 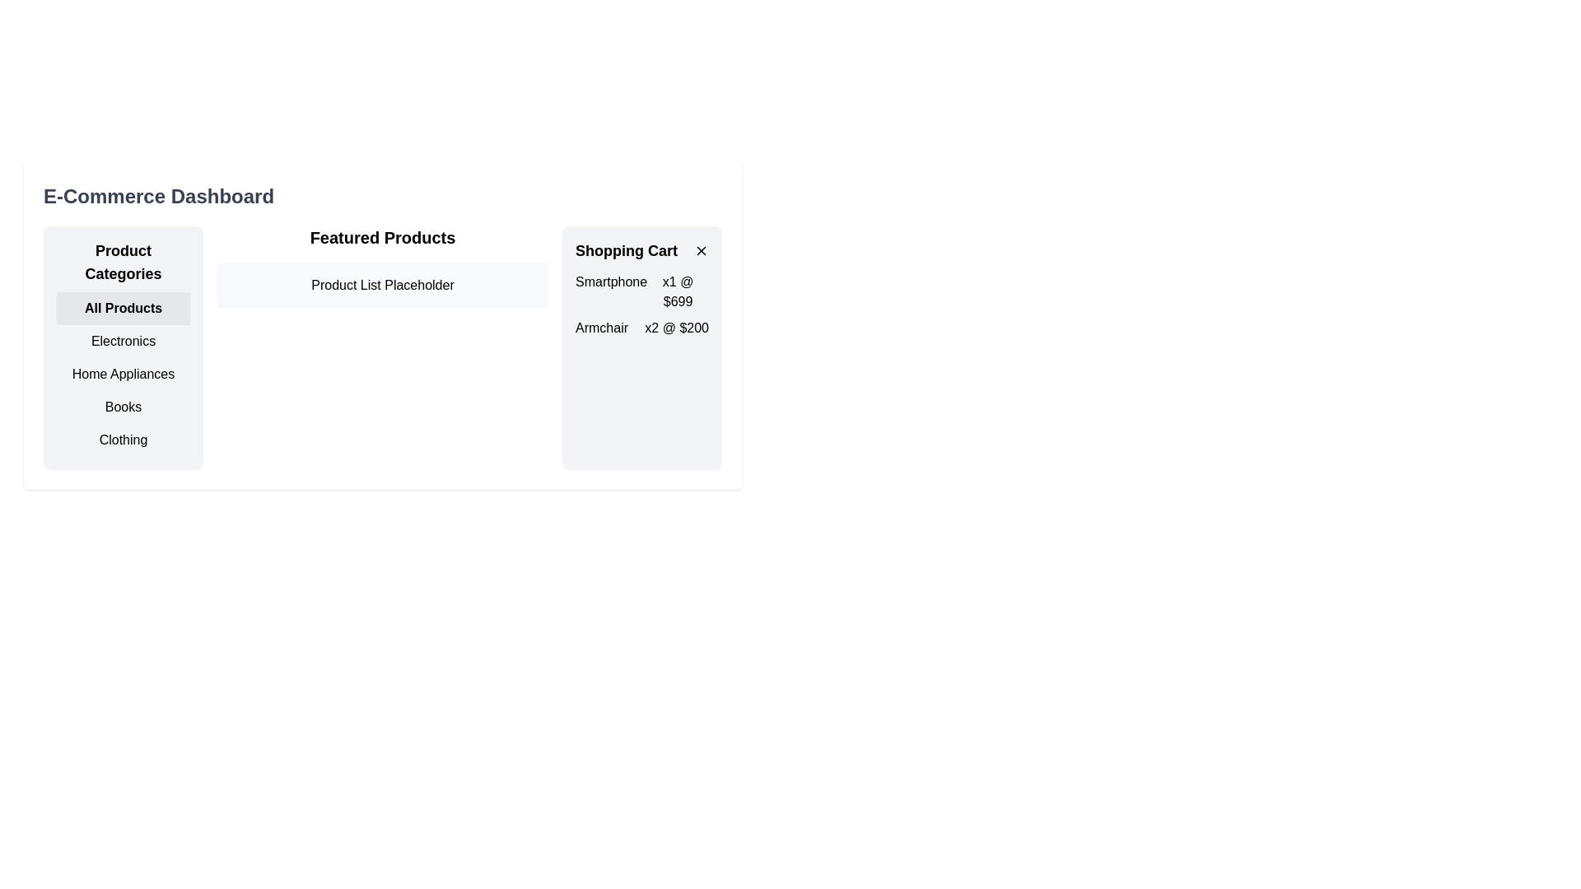 What do you see at coordinates (382, 285) in the screenshot?
I see `the Placeholder box for the product list located in the 'Featured Products' section, positioned centrally below the title 'Featured Products'` at bounding box center [382, 285].